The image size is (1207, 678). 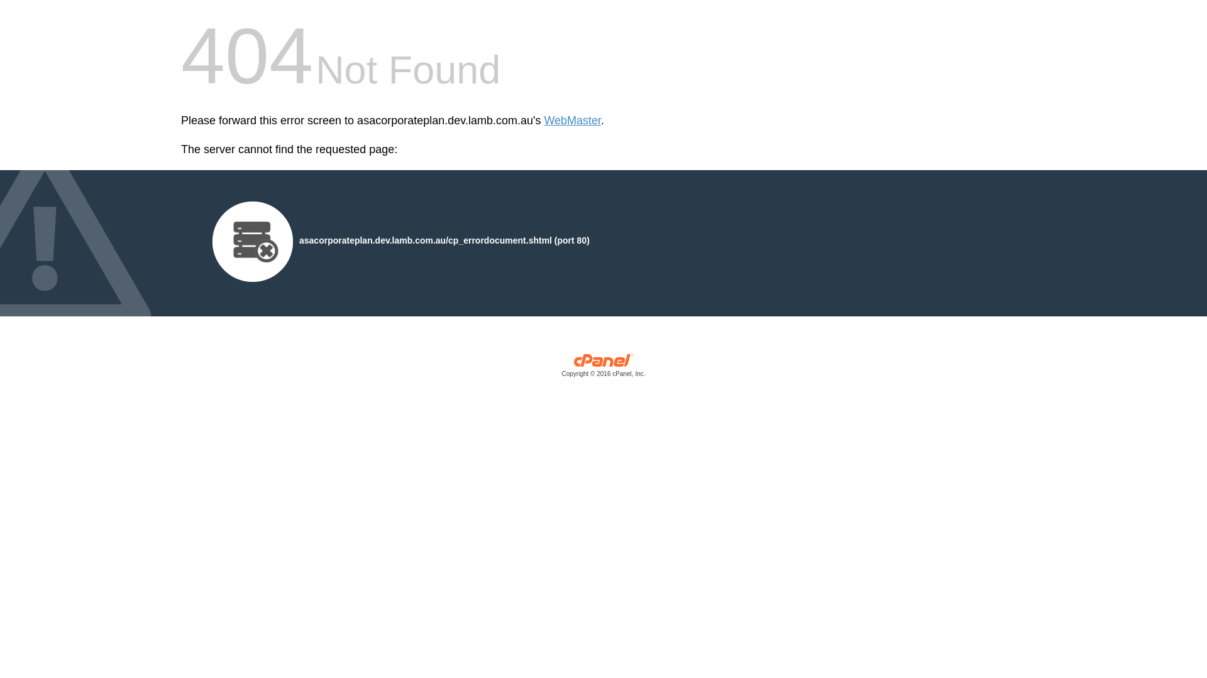 What do you see at coordinates (571, 121) in the screenshot?
I see `'WebMaster'` at bounding box center [571, 121].